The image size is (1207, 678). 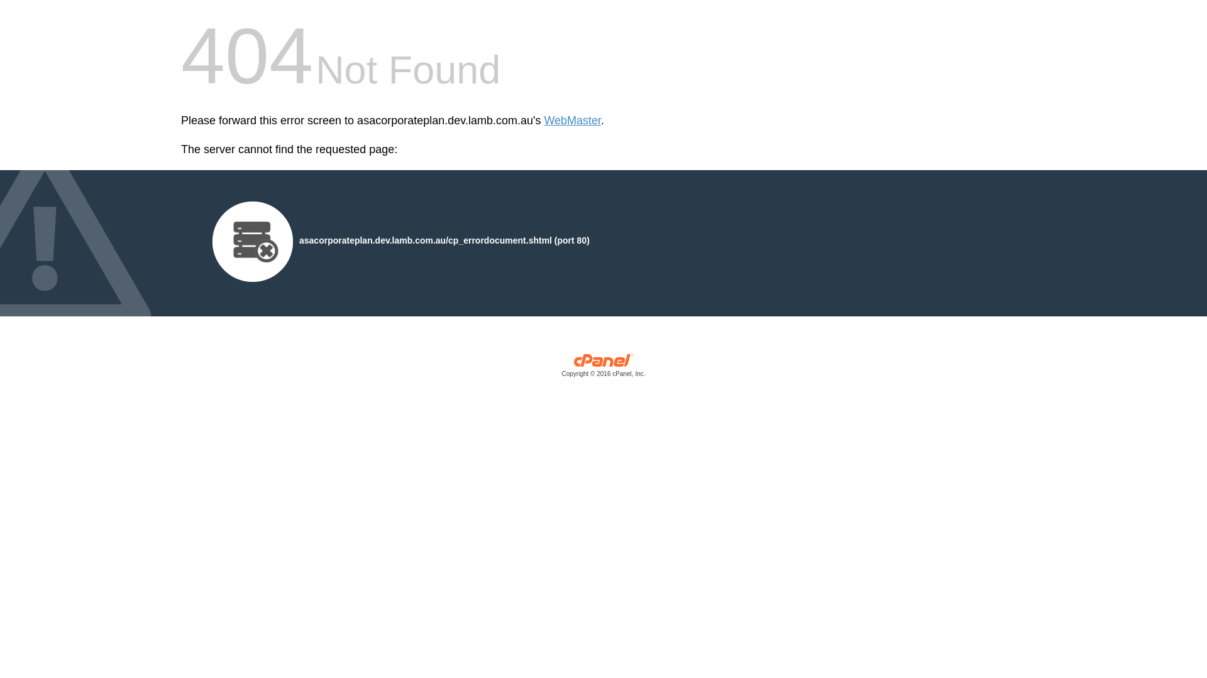 What do you see at coordinates (571, 121) in the screenshot?
I see `'WebMaster'` at bounding box center [571, 121].